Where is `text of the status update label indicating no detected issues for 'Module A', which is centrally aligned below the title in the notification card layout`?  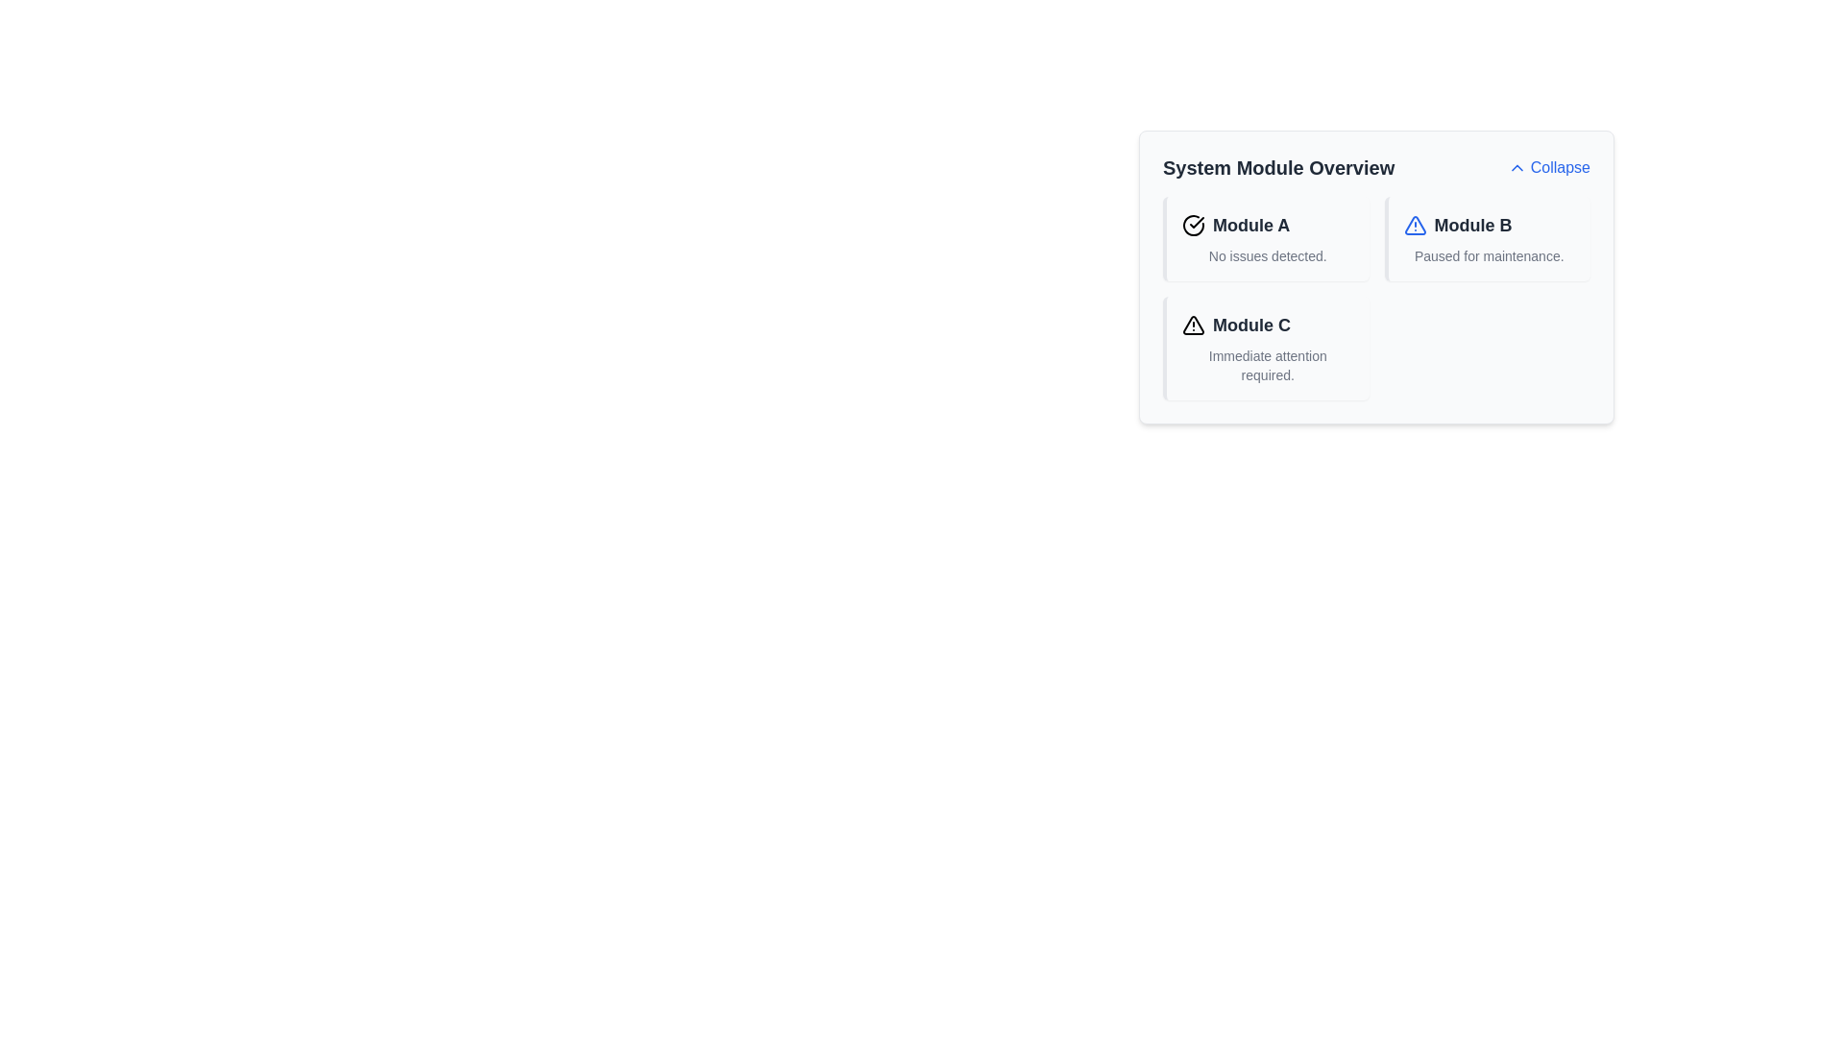
text of the status update label indicating no detected issues for 'Module A', which is centrally aligned below the title in the notification card layout is located at coordinates (1268, 254).